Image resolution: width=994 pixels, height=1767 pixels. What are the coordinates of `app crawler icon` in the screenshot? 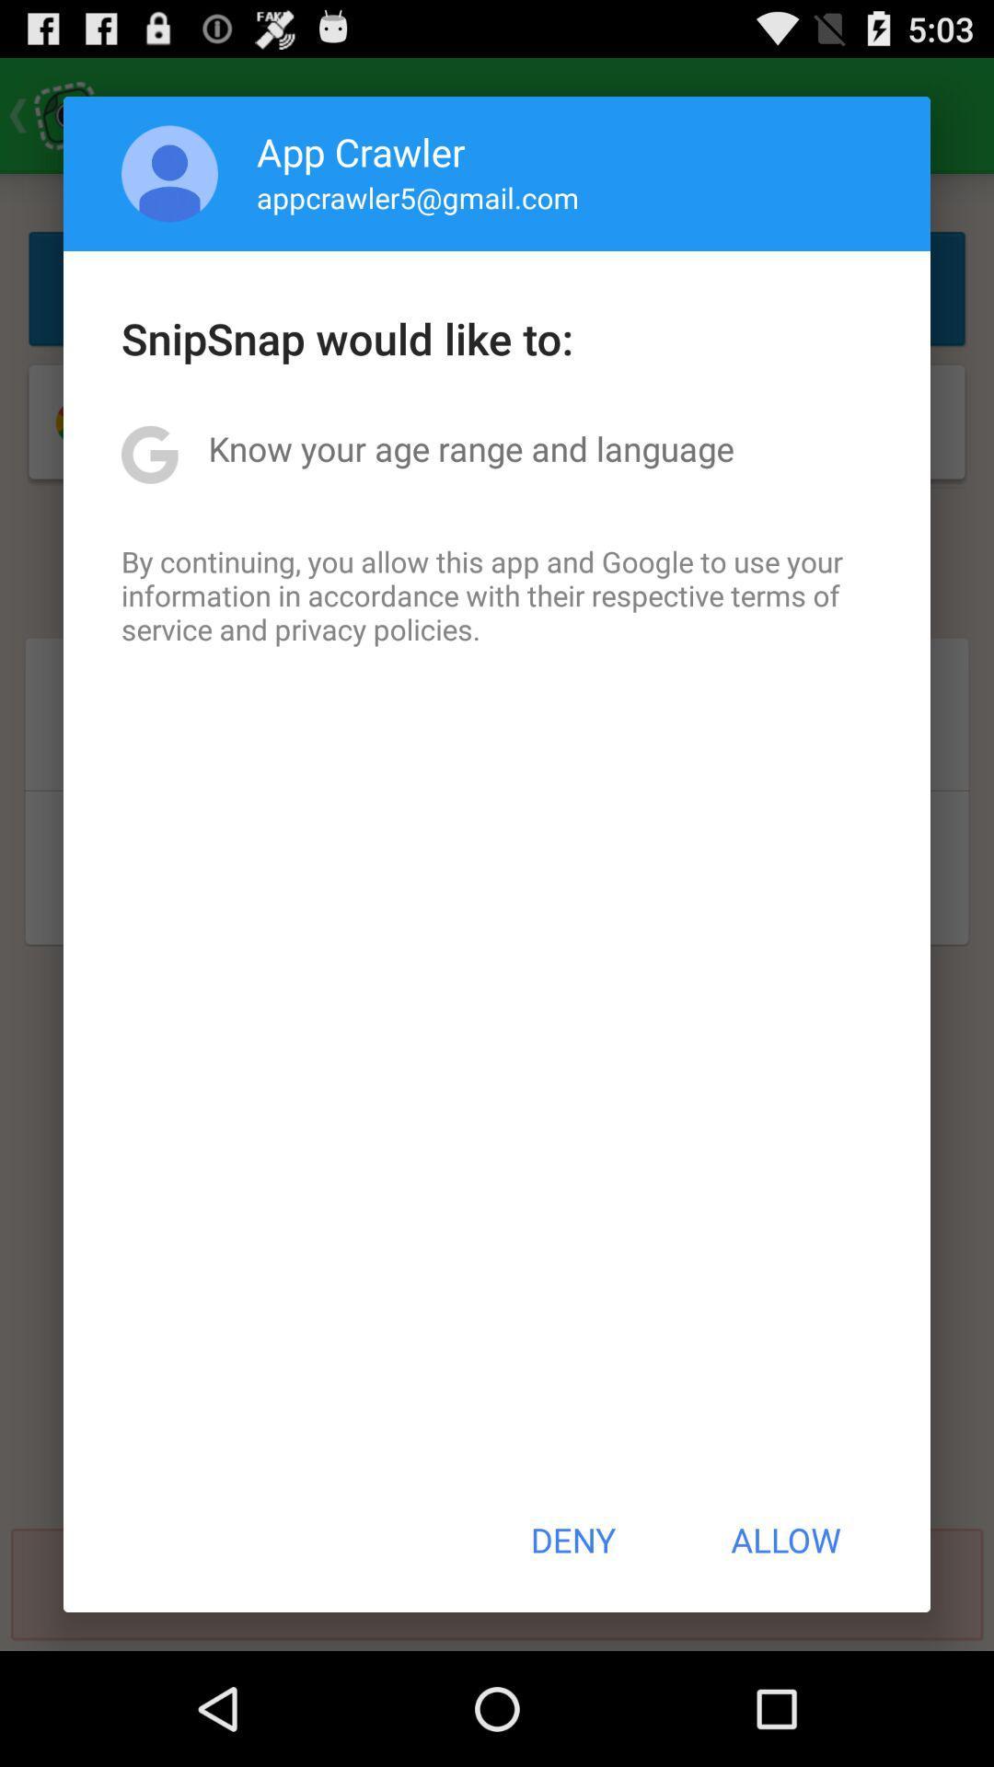 It's located at (361, 151).